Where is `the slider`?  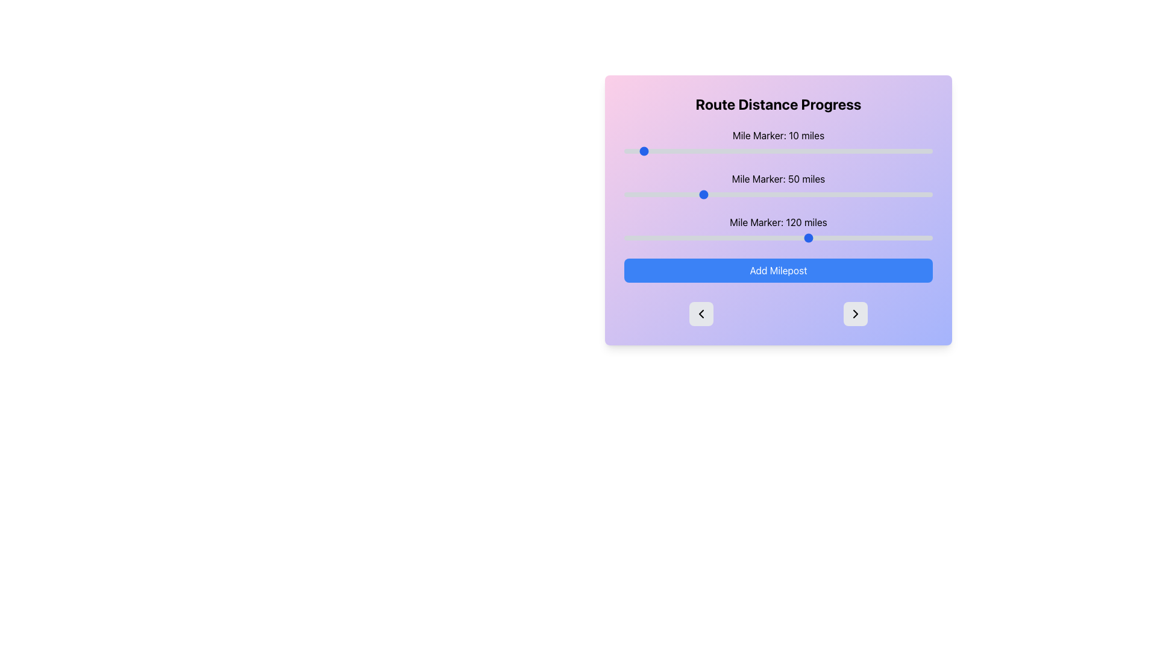 the slider is located at coordinates (680, 194).